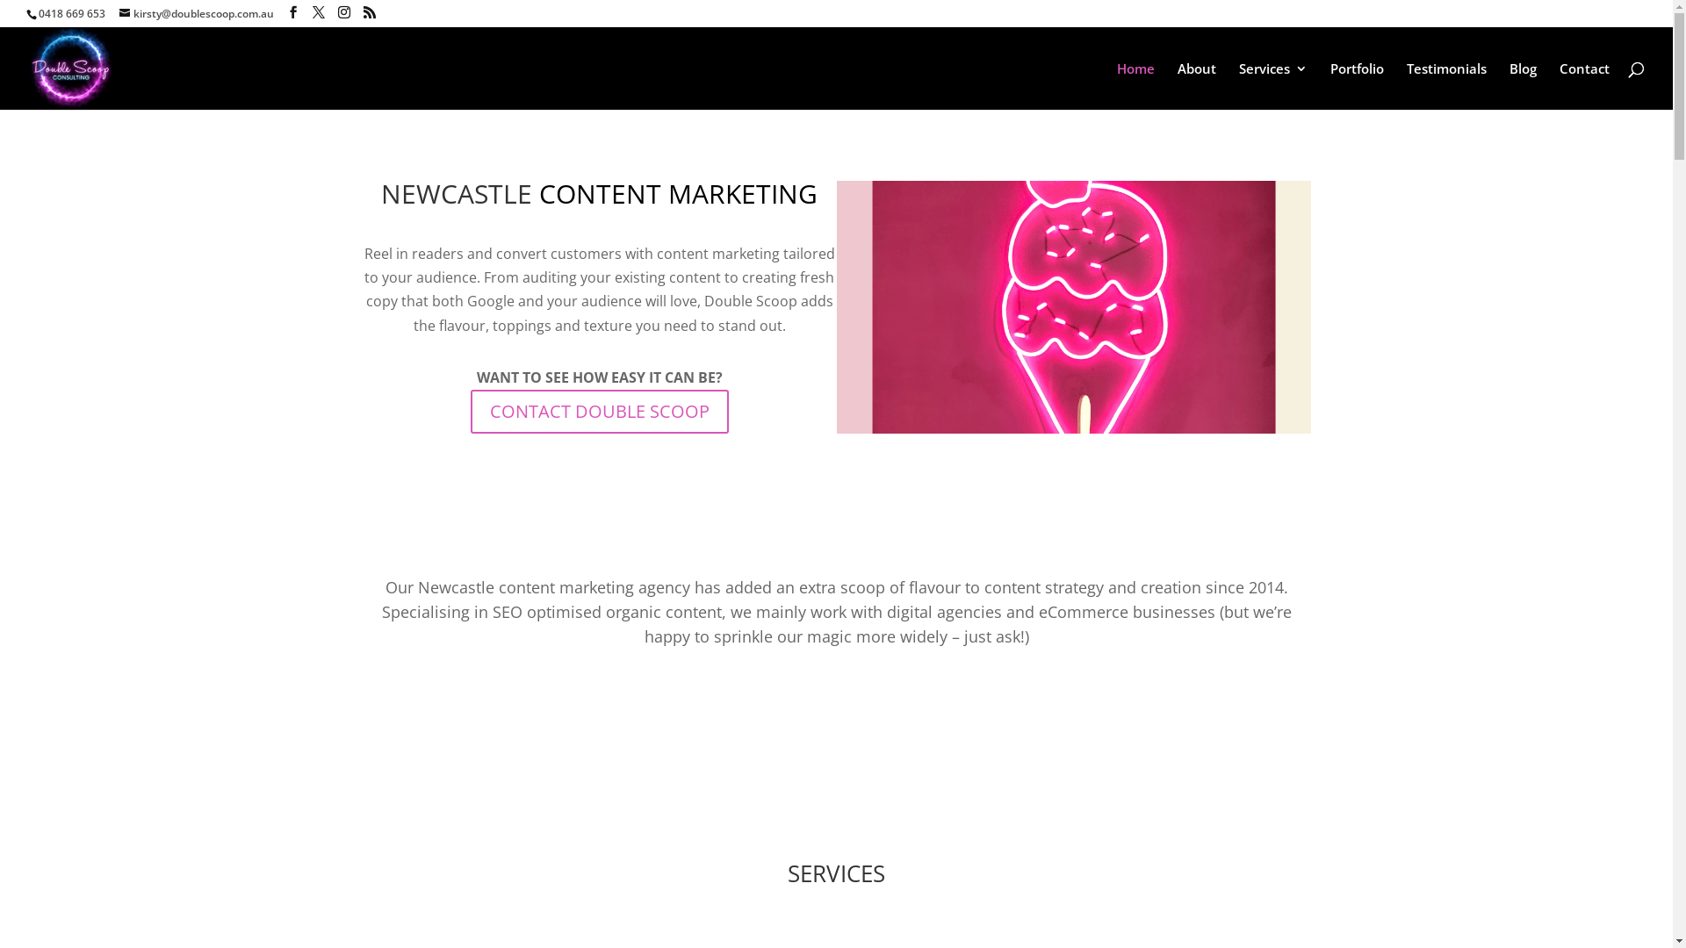 This screenshot has width=1686, height=948. What do you see at coordinates (599, 412) in the screenshot?
I see `'CONTACT DOUBLE SCOOP'` at bounding box center [599, 412].